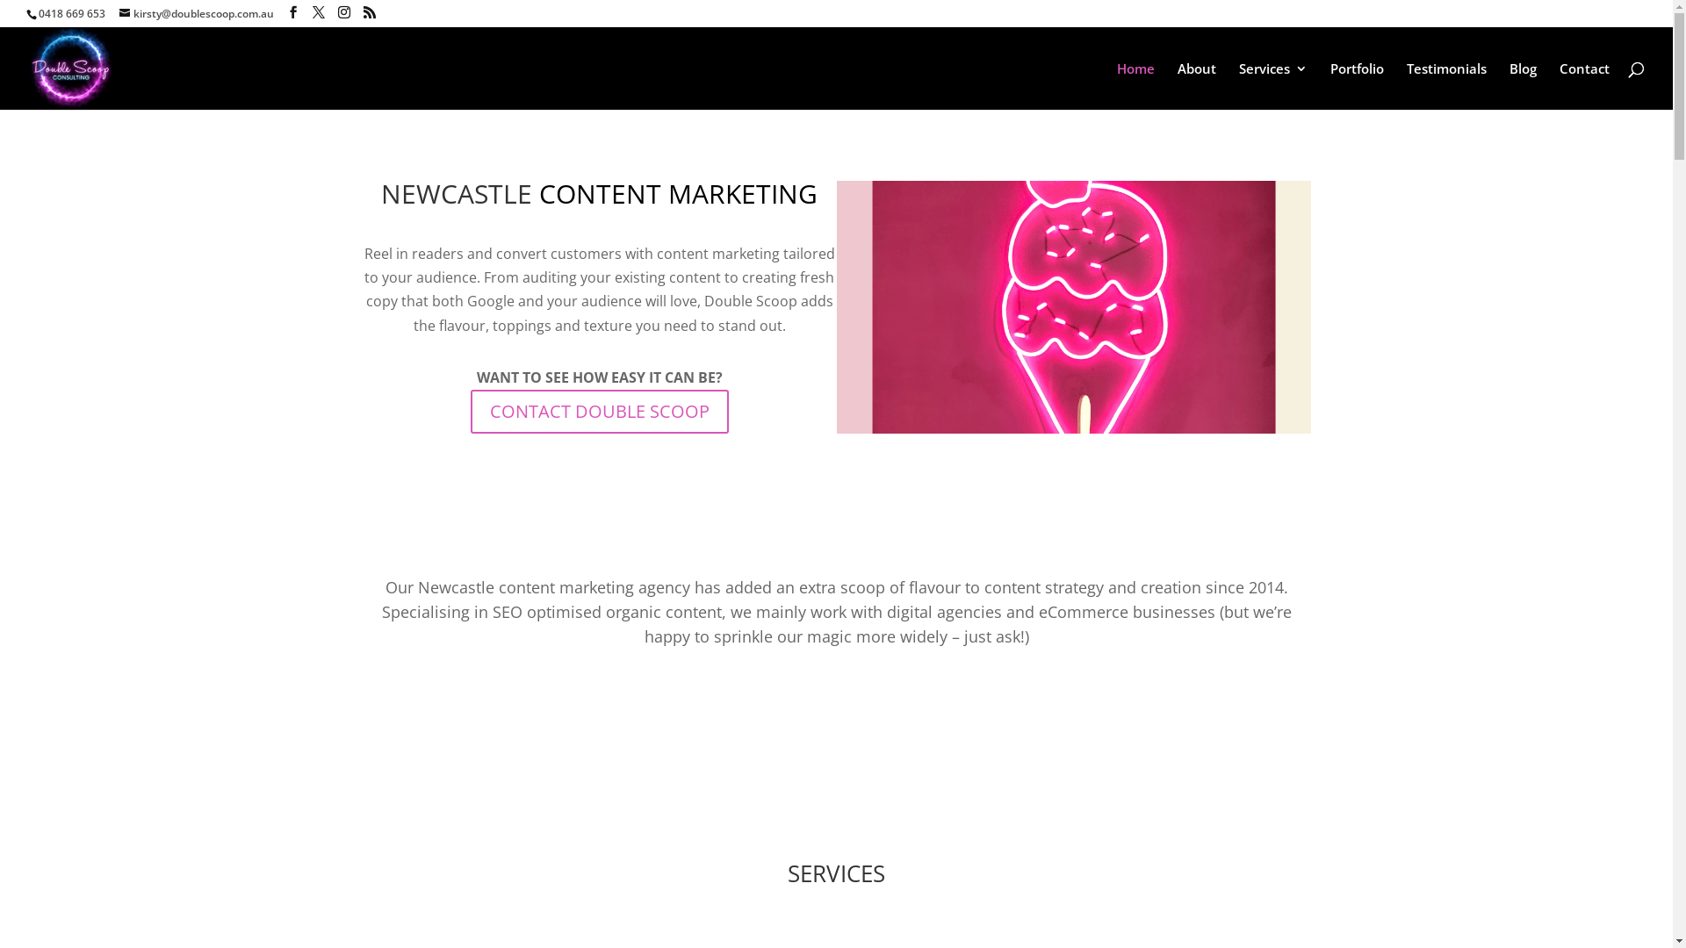 This screenshot has width=1686, height=948. What do you see at coordinates (599, 412) in the screenshot?
I see `'CONTACT DOUBLE SCOOP'` at bounding box center [599, 412].